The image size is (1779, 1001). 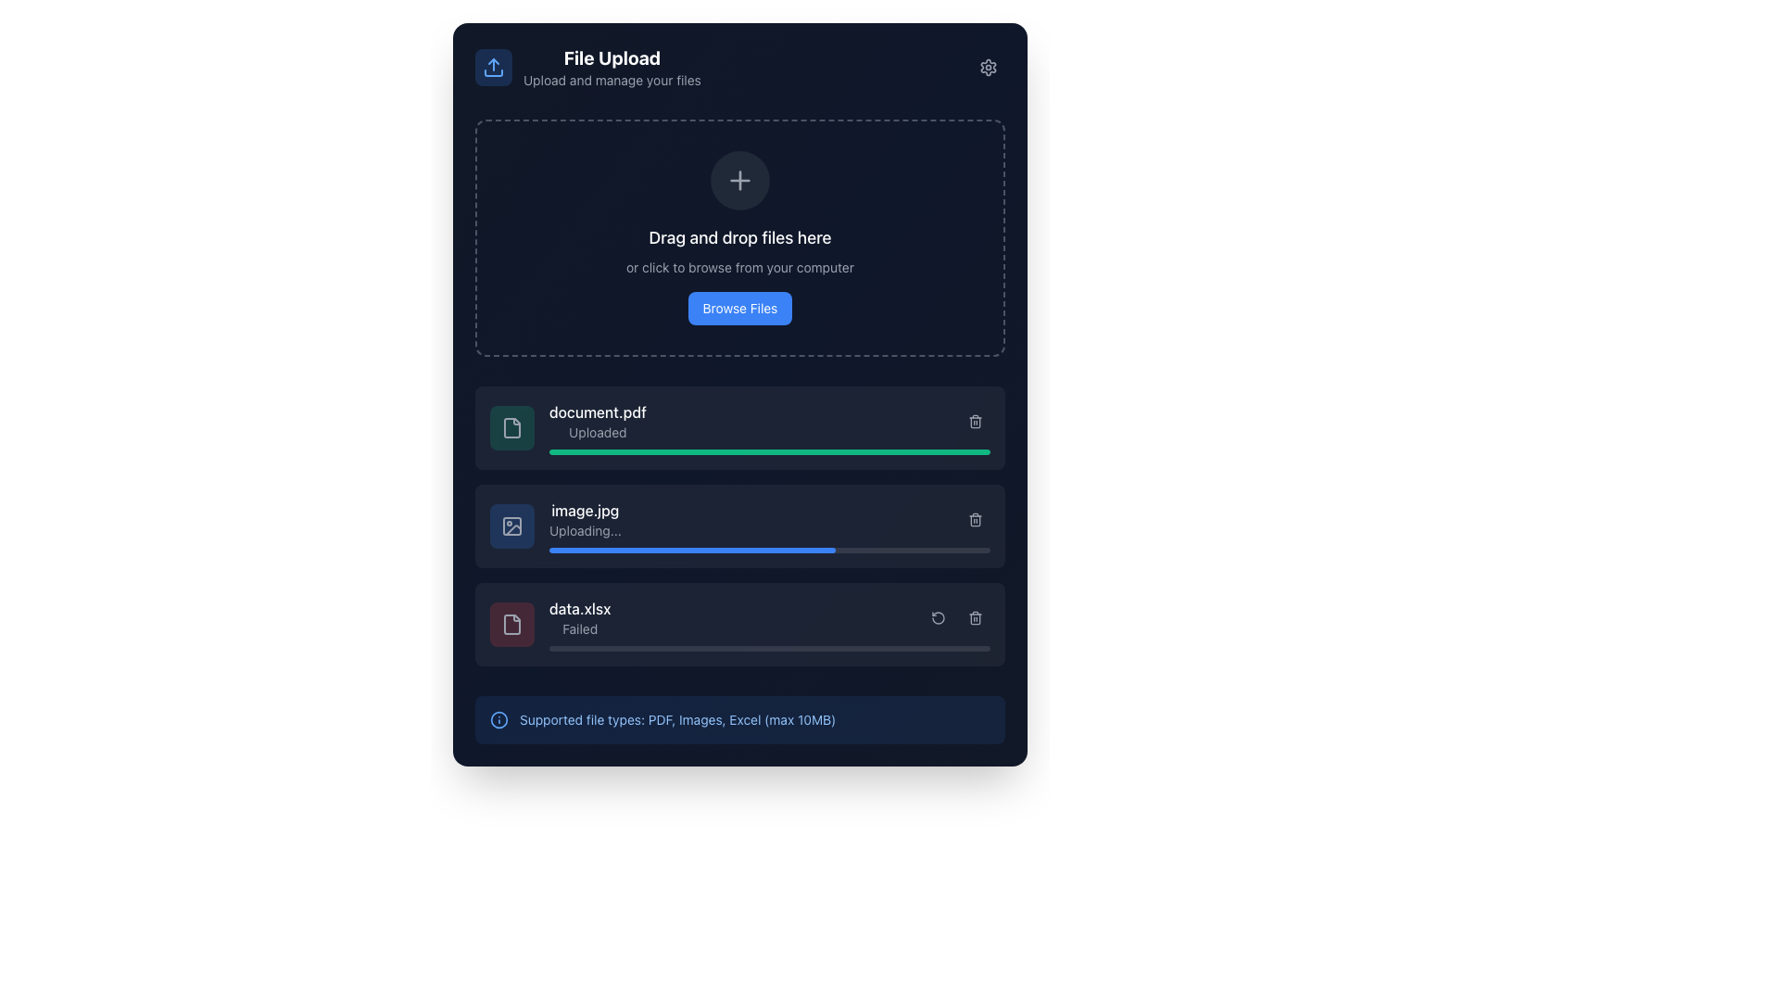 I want to click on the small light gray trashcan icon located to the right of the loading progress bar for 'image.jpg', so click(x=974, y=519).